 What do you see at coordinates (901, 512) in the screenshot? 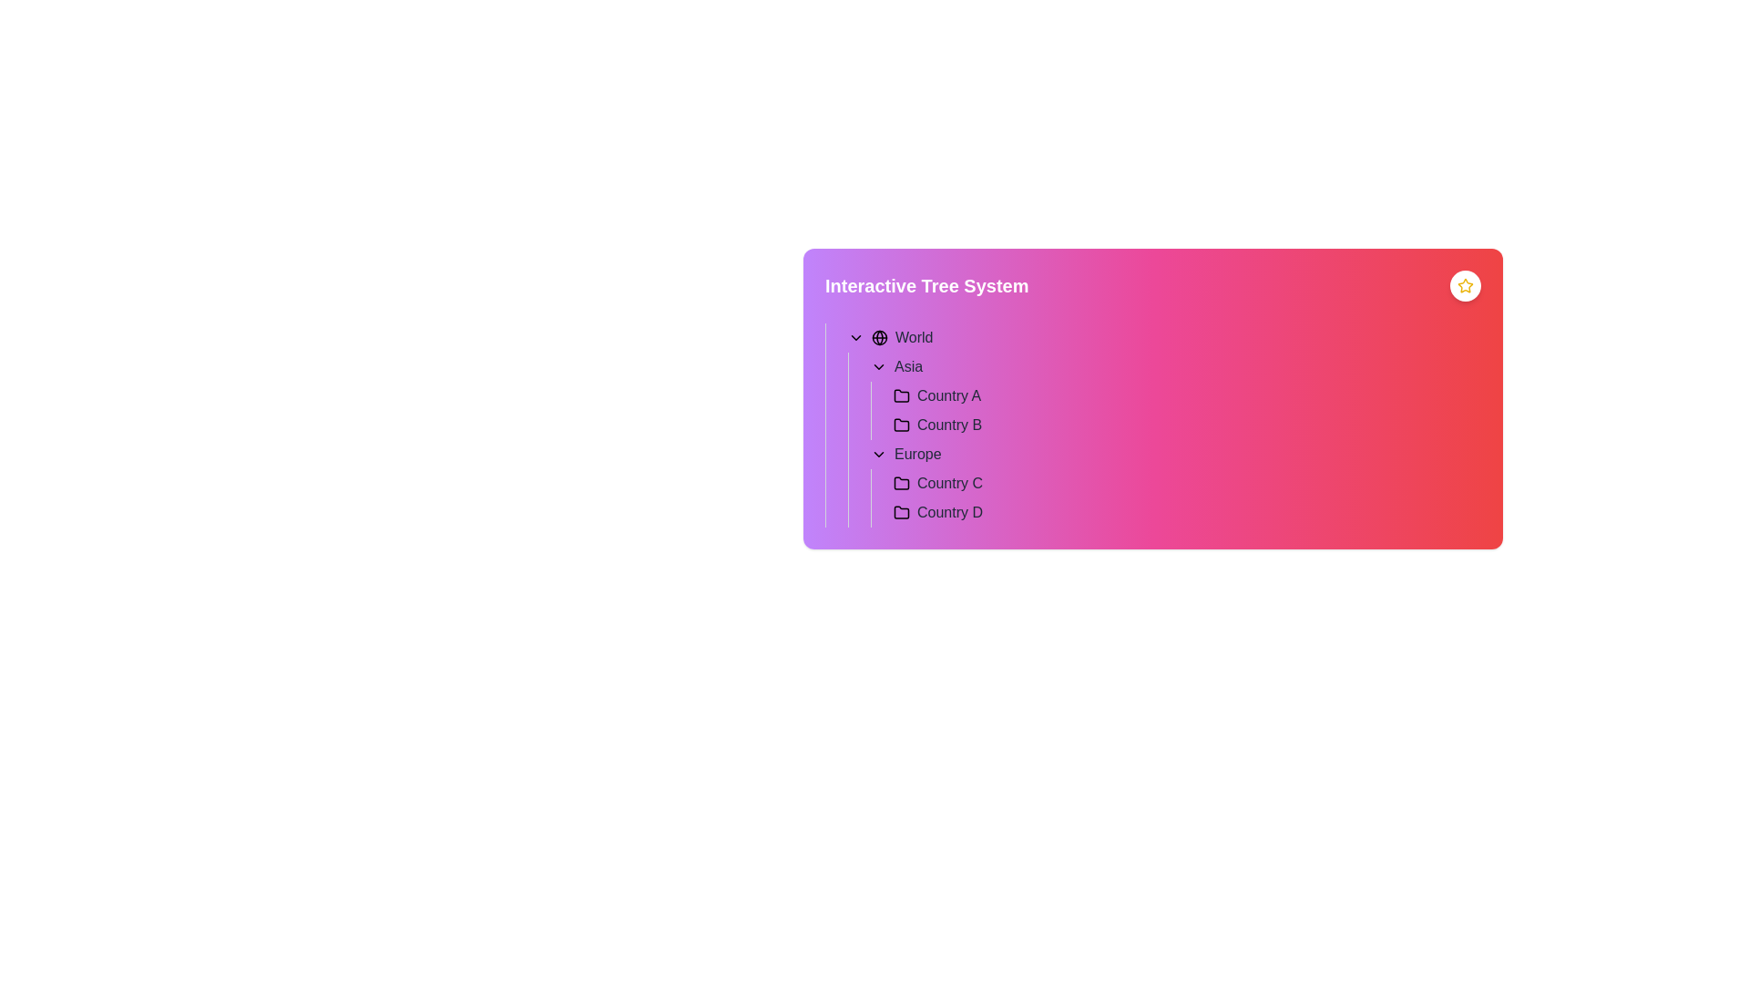
I see `the folder icon representing 'Country D' in the hierarchical tree structure` at bounding box center [901, 512].